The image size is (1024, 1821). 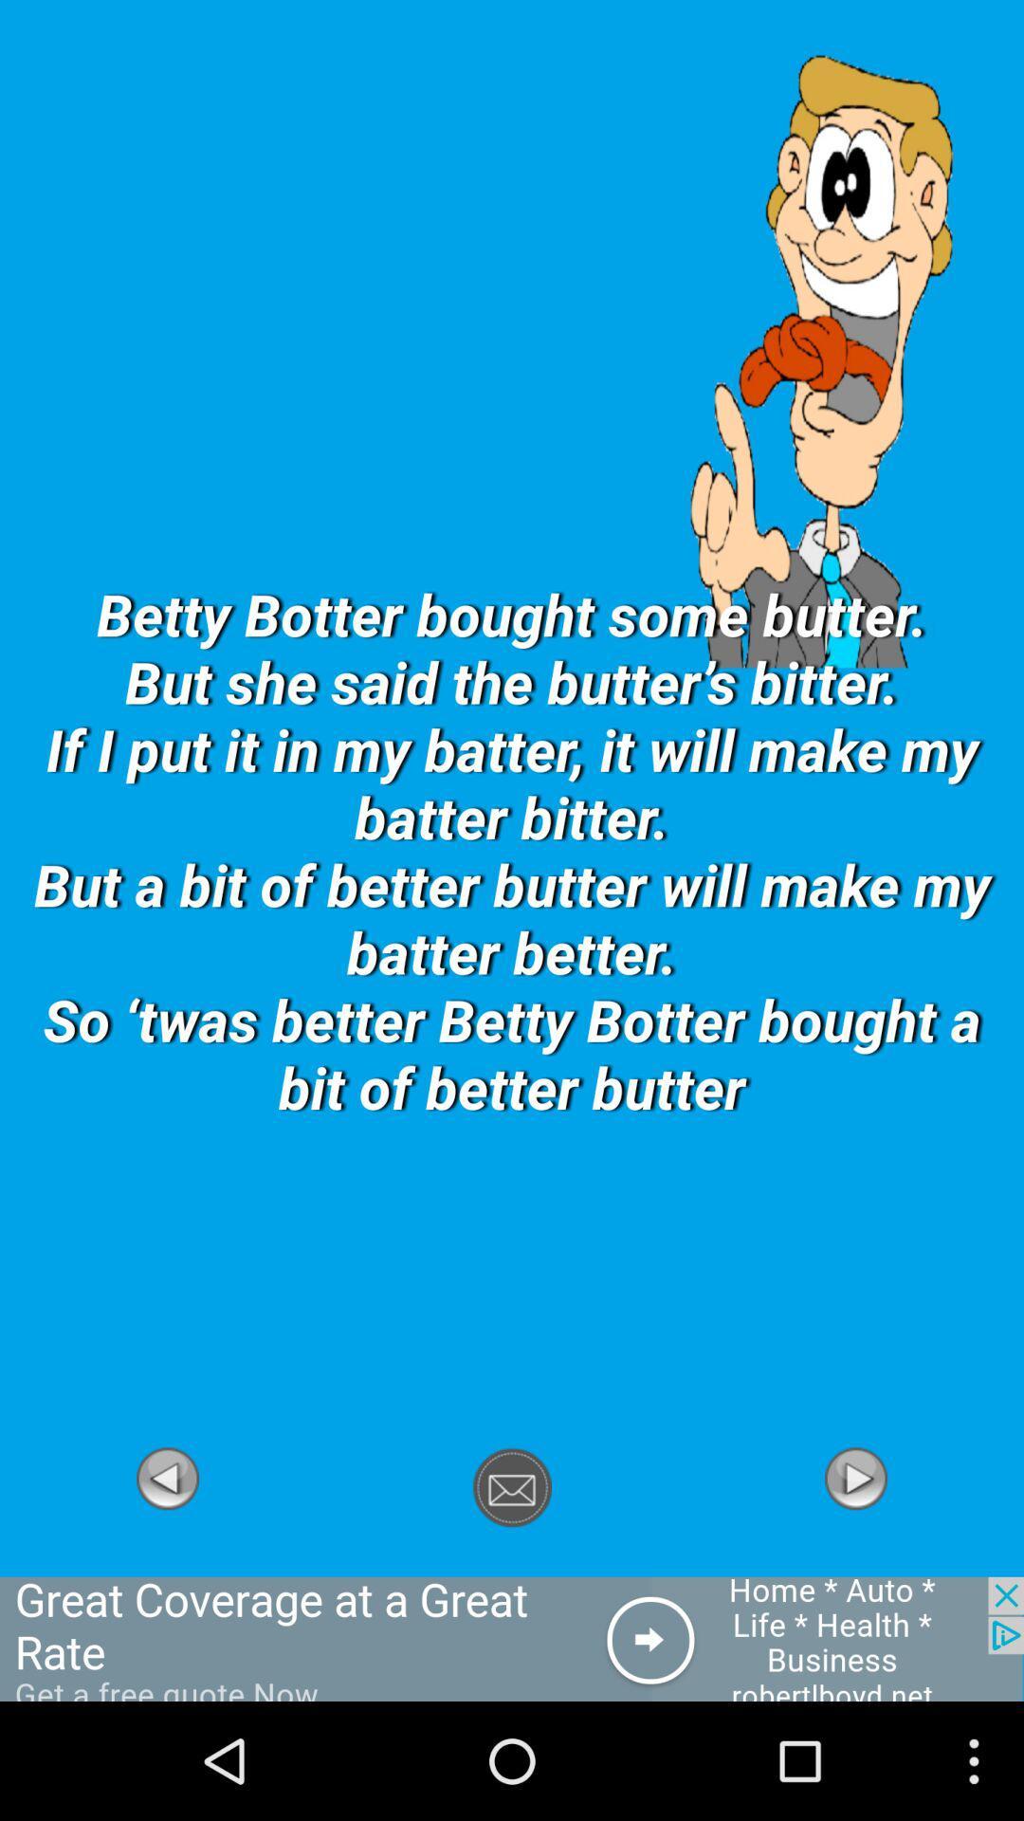 I want to click on forwort, so click(x=512, y=1638).